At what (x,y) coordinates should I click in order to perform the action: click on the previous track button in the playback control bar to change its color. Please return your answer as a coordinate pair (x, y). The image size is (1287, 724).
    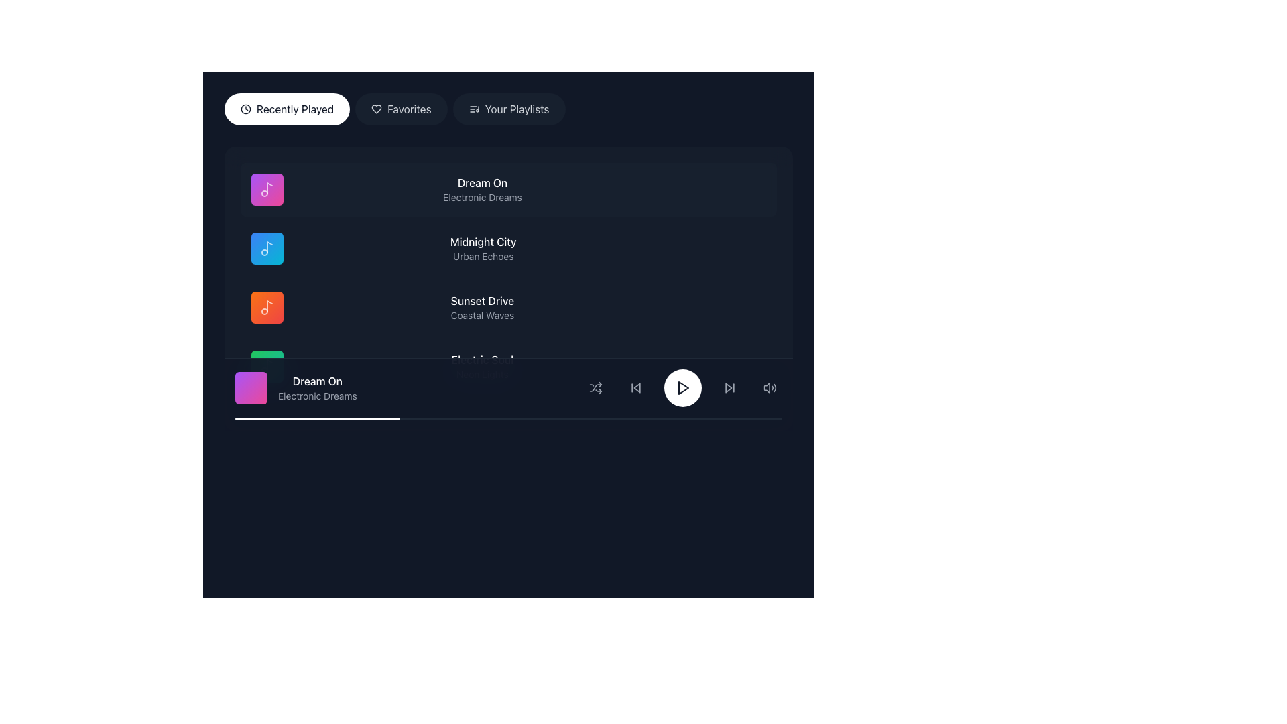
    Looking at the image, I should click on (635, 387).